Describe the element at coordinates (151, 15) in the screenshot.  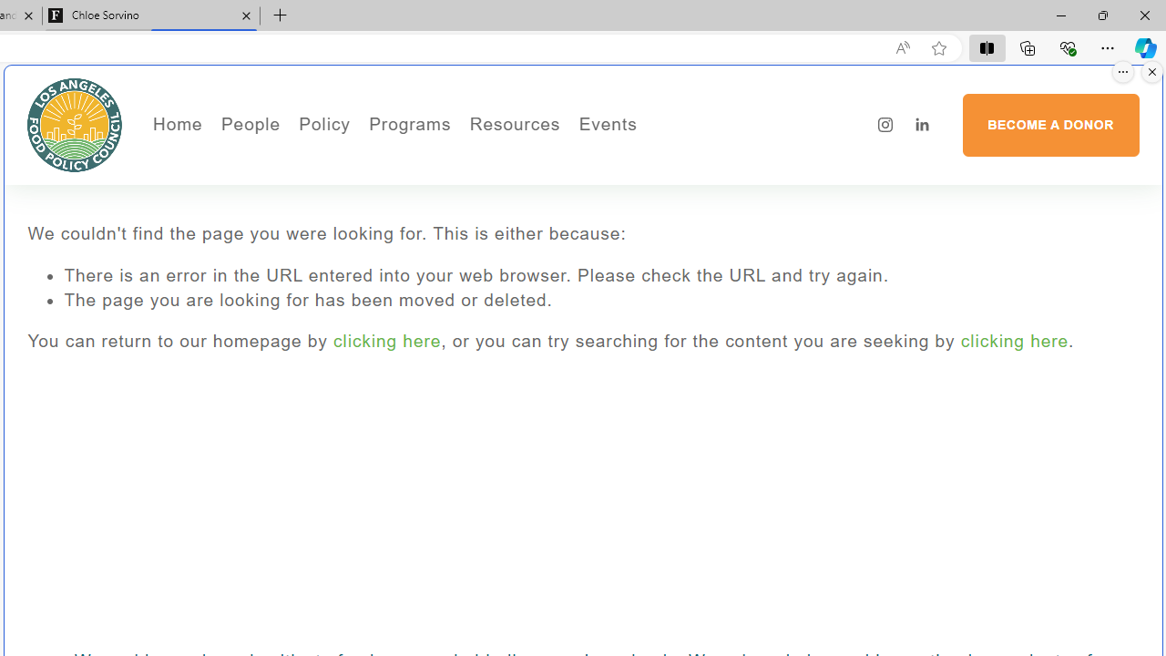
I see `'Chloe Sorvino'` at that location.